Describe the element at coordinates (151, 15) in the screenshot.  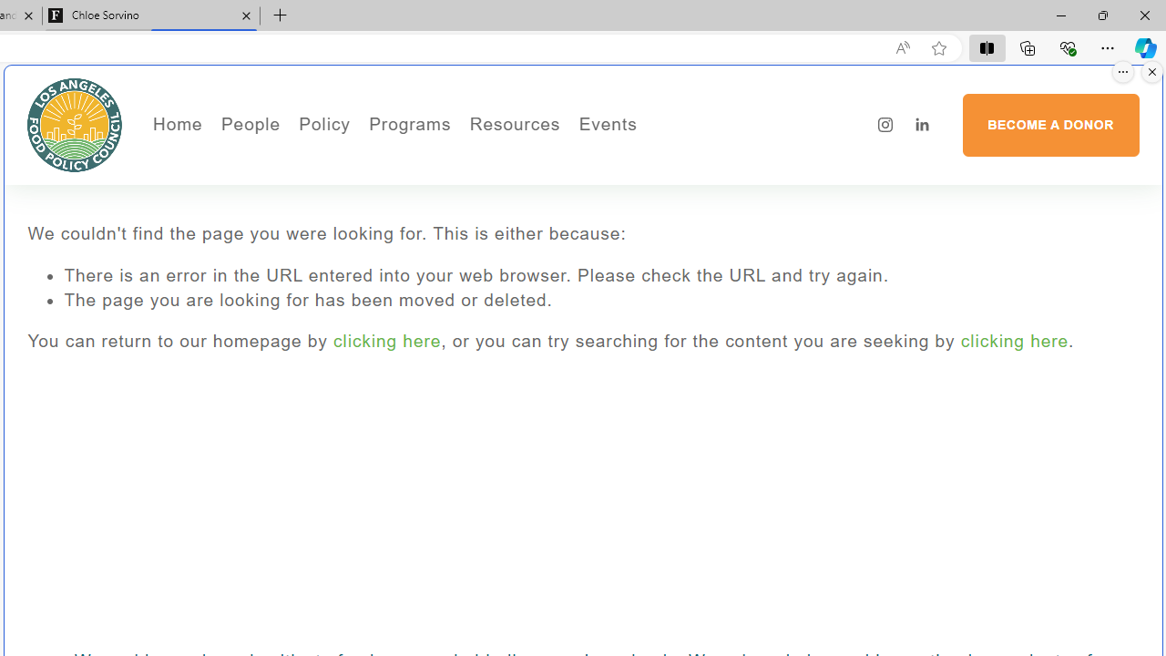
I see `'Chloe Sorvino'` at that location.